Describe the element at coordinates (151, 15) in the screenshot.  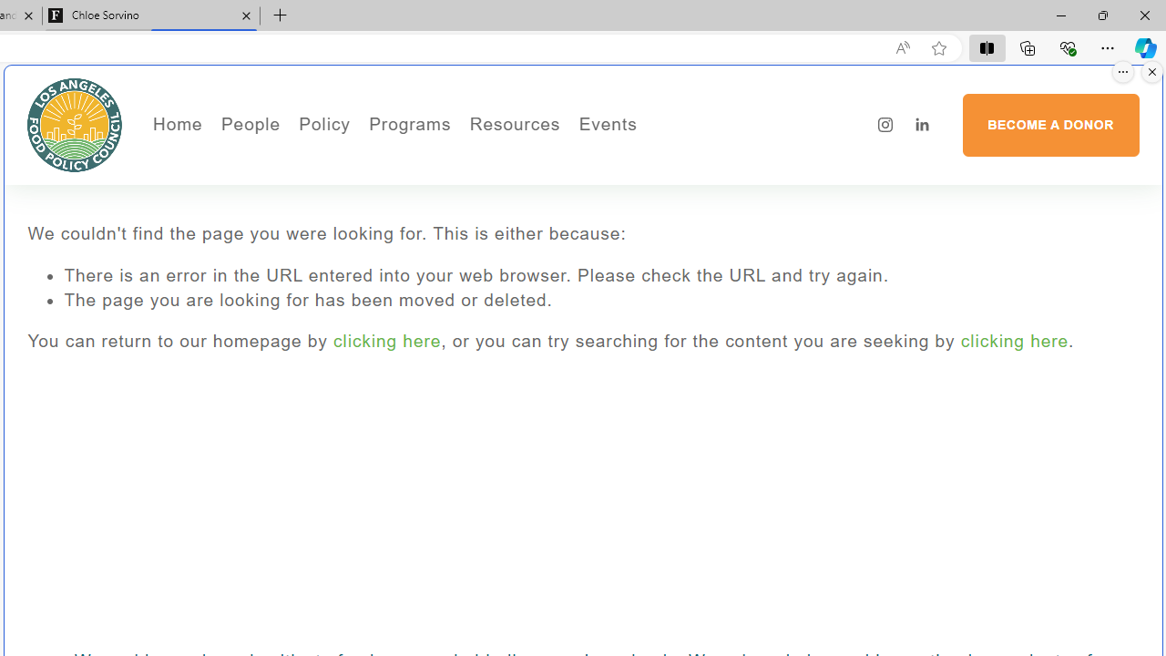
I see `'Chloe Sorvino'` at that location.